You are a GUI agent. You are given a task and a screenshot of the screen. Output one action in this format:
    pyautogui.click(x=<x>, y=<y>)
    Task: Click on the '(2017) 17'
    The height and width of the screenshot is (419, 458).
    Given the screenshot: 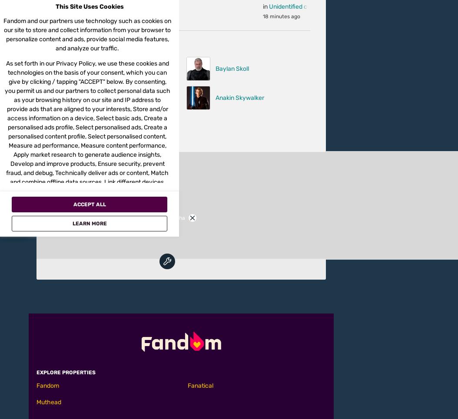 What is the action you would take?
    pyautogui.click(x=77, y=32)
    